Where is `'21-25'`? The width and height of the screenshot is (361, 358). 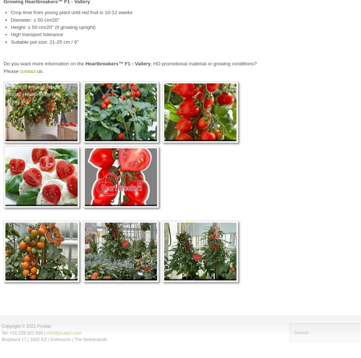 '21-25' is located at coordinates (56, 41).